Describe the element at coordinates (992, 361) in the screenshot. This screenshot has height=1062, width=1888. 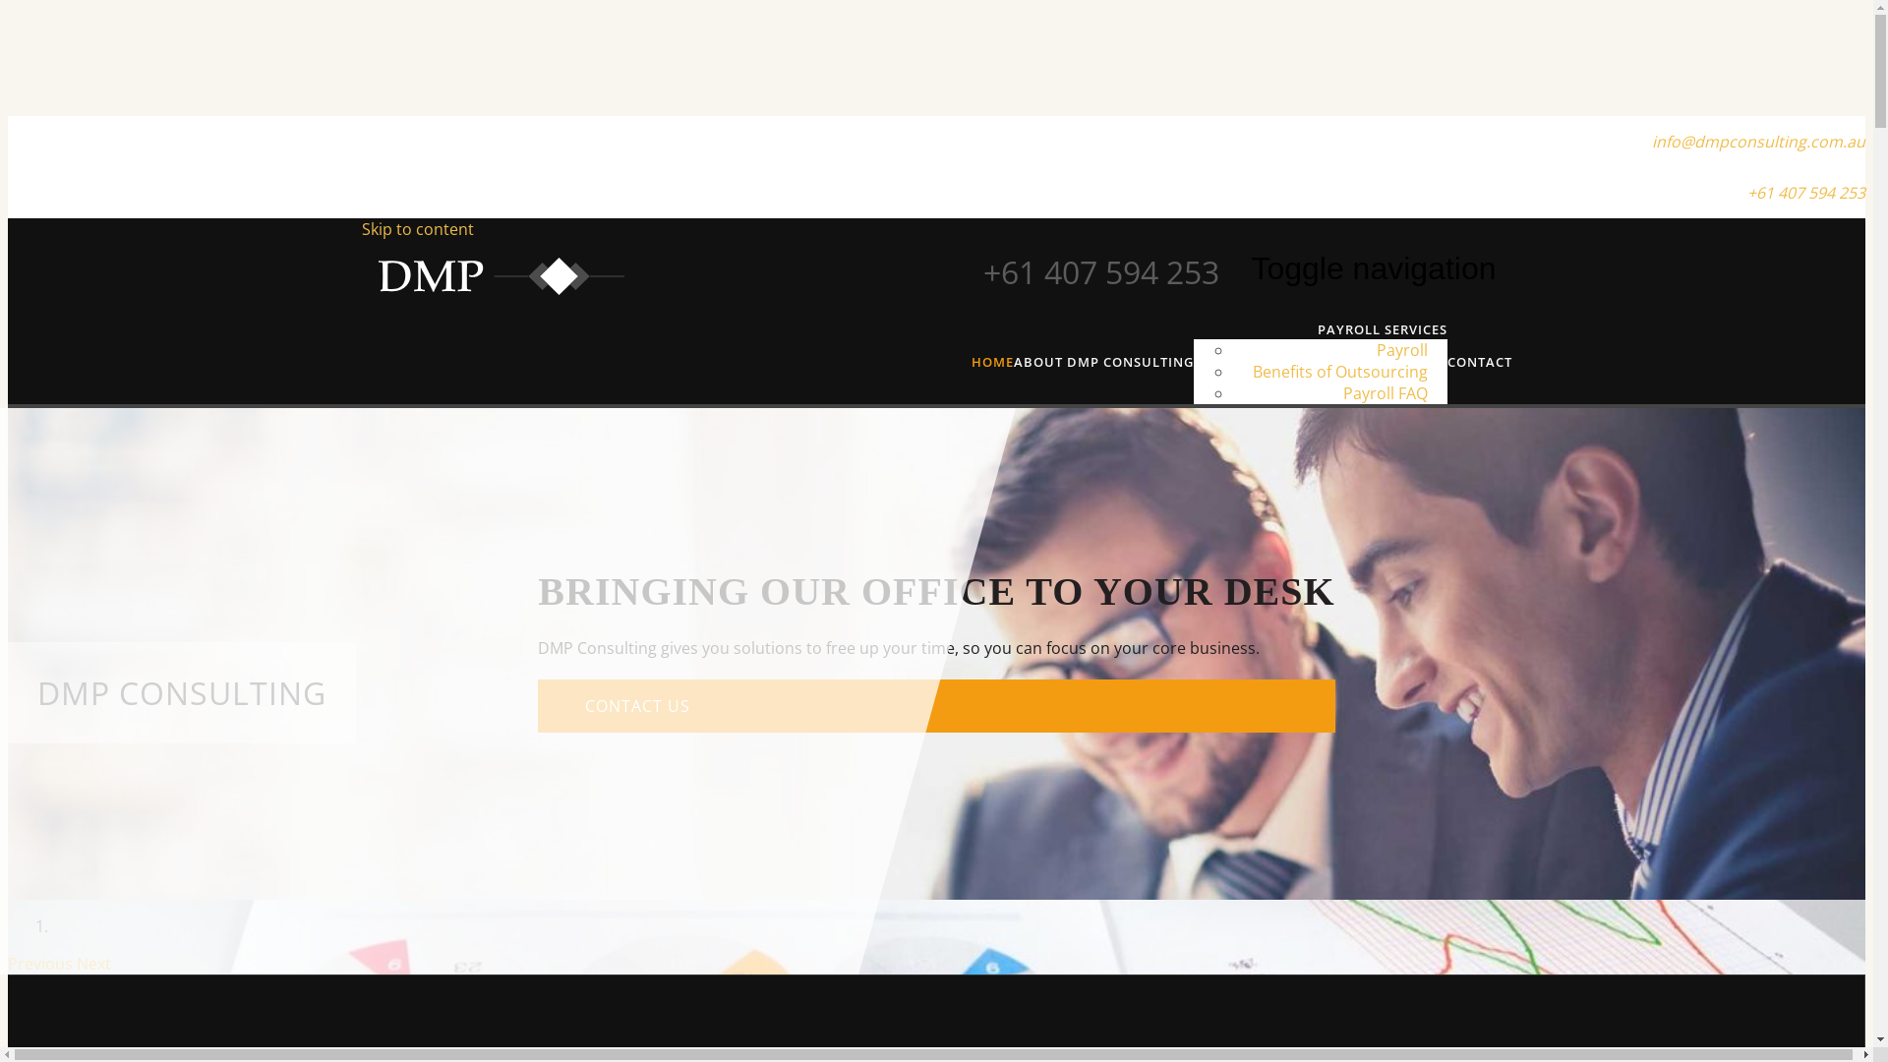
I see `'HOME'` at that location.